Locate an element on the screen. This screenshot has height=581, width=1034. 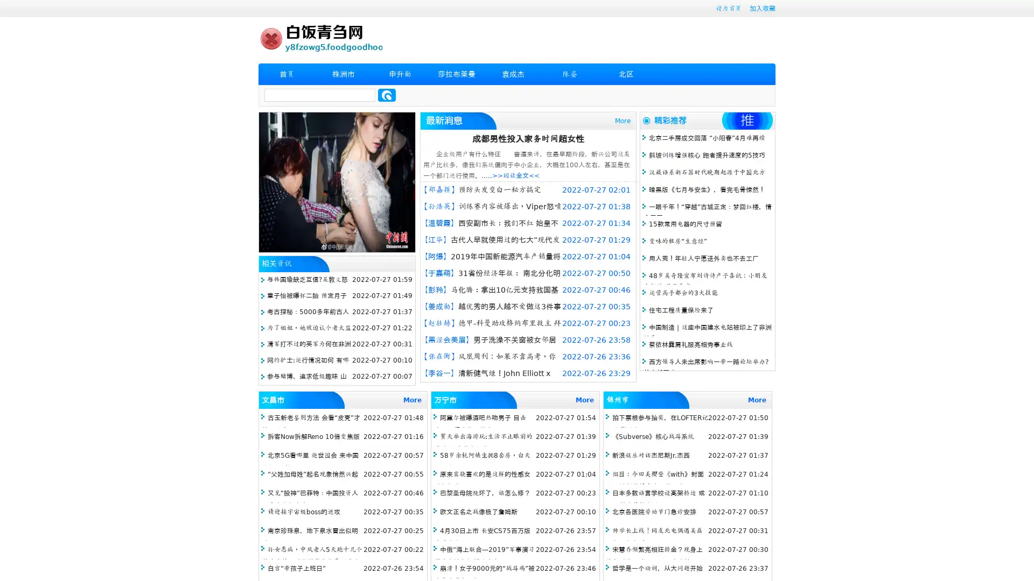
Search is located at coordinates (387, 95).